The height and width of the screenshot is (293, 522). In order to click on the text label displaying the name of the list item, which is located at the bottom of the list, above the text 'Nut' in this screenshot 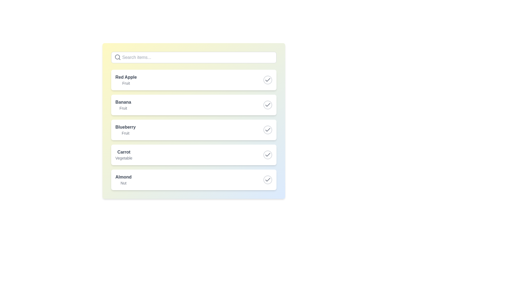, I will do `click(123, 177)`.